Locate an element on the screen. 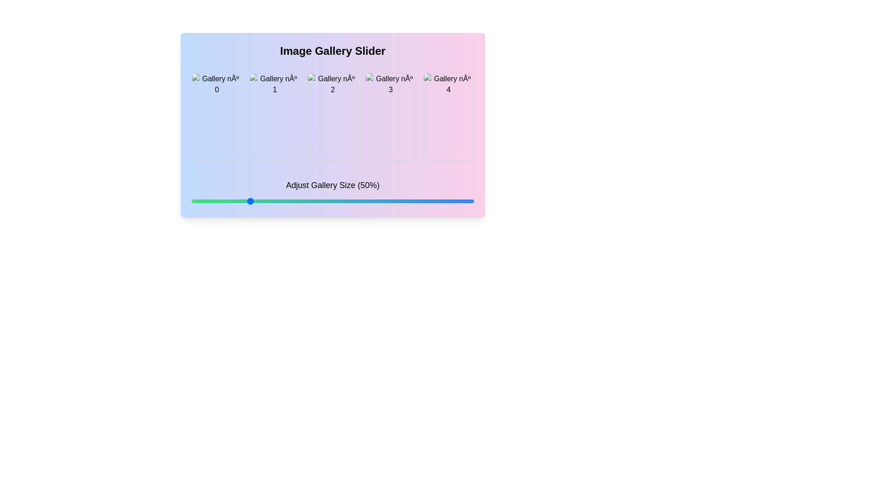  the gallery size slider to 135% is located at coordinates (440, 200).